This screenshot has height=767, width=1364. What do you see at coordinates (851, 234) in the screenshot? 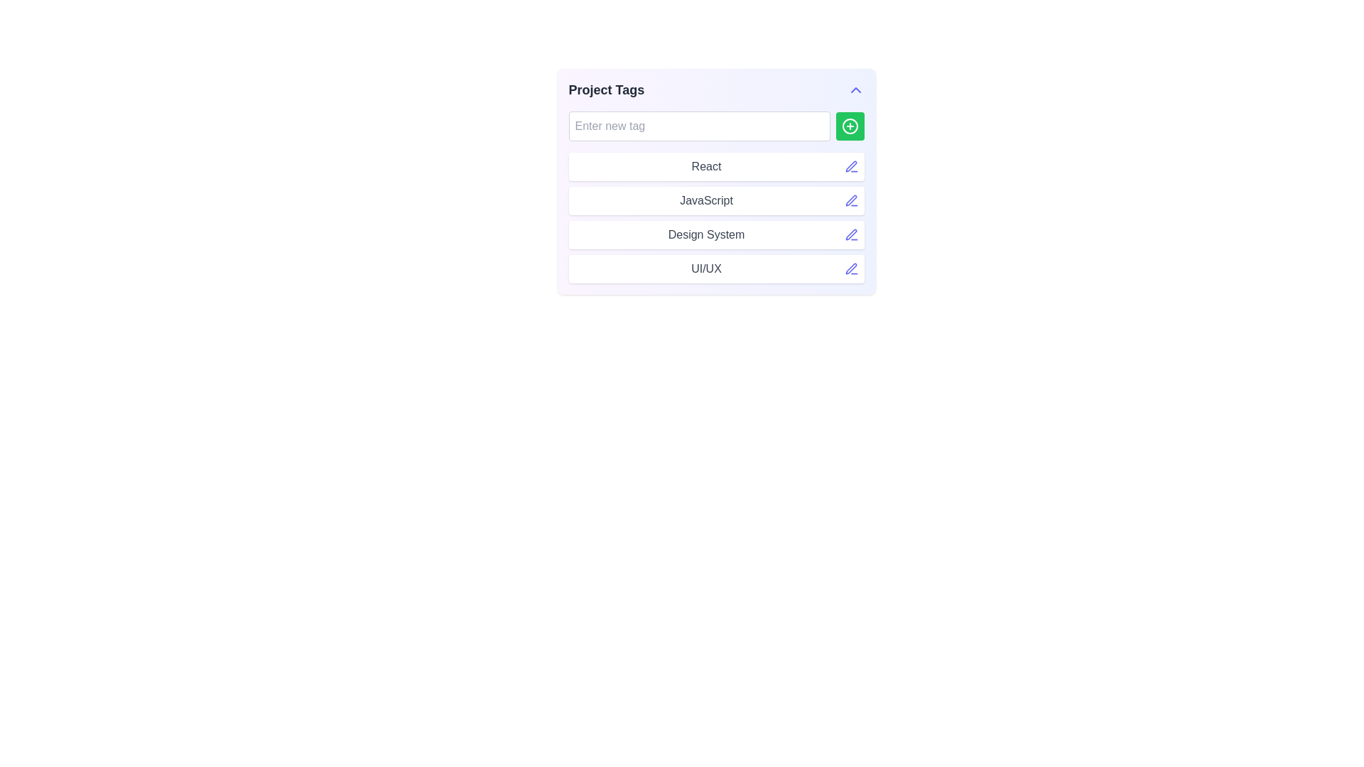
I see `the pen icon button located in the 'Project Tags' section to initiate the editing of the 'Design System' tag` at bounding box center [851, 234].